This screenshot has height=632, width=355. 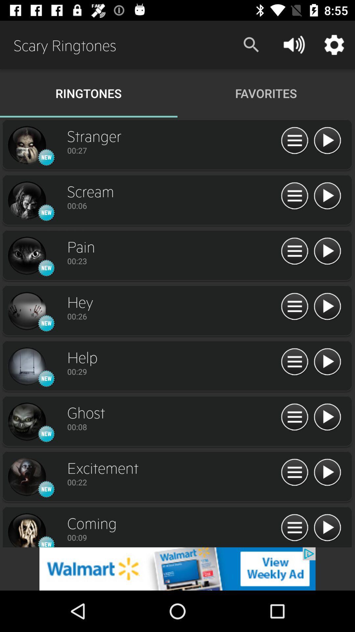 I want to click on menu option, so click(x=294, y=528).